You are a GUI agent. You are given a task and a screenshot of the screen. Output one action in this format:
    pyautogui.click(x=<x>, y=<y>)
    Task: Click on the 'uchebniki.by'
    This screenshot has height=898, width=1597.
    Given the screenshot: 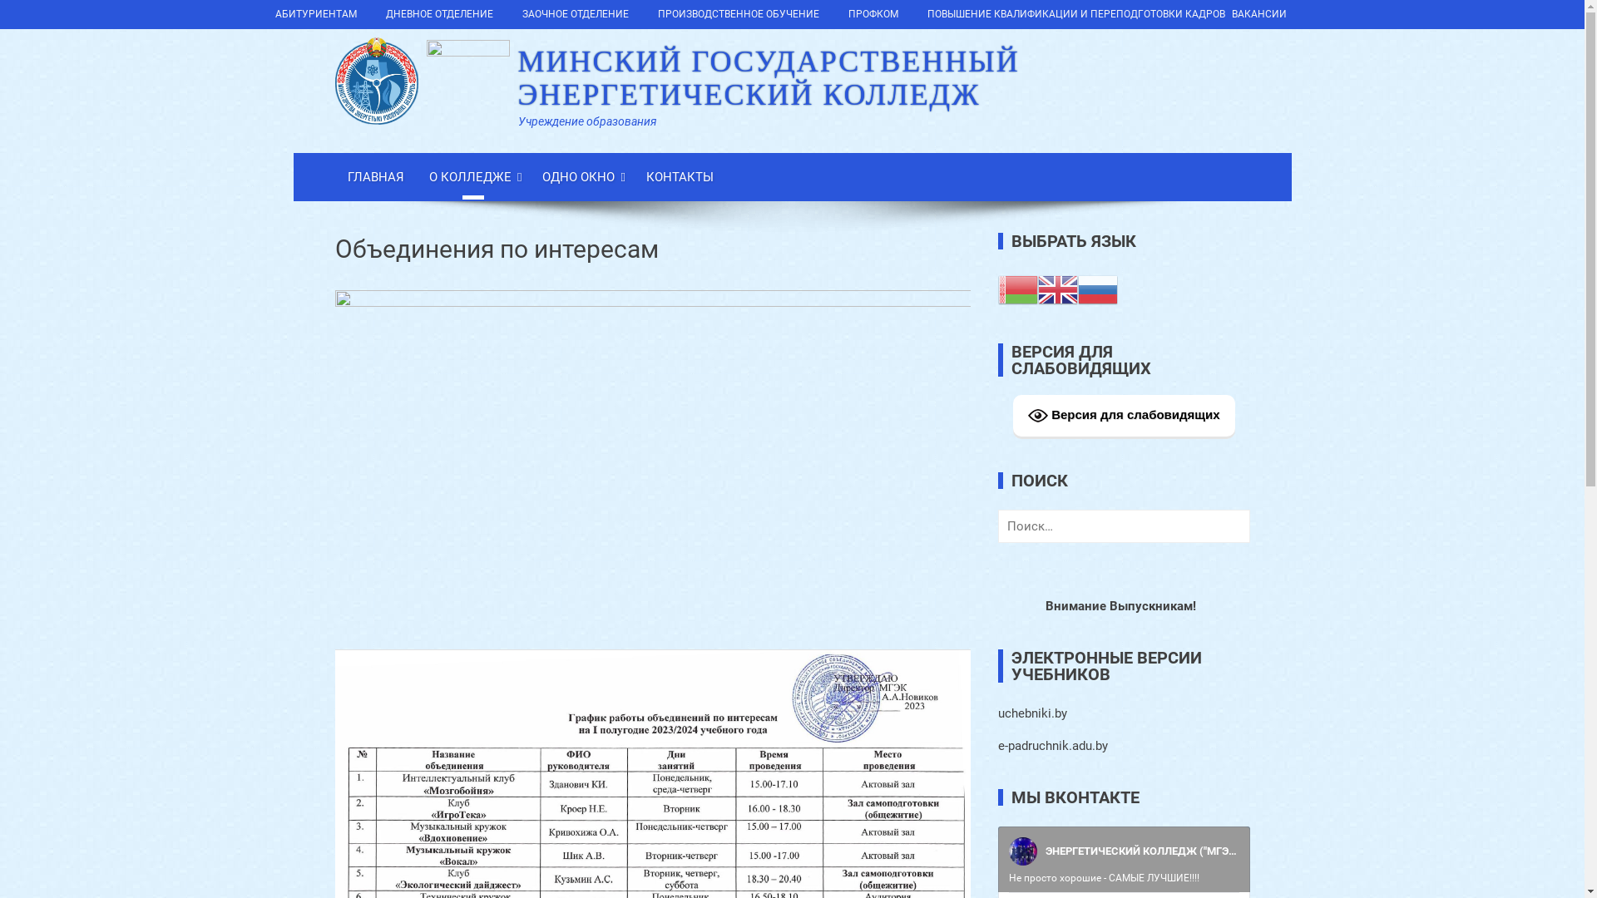 What is the action you would take?
    pyautogui.click(x=998, y=712)
    